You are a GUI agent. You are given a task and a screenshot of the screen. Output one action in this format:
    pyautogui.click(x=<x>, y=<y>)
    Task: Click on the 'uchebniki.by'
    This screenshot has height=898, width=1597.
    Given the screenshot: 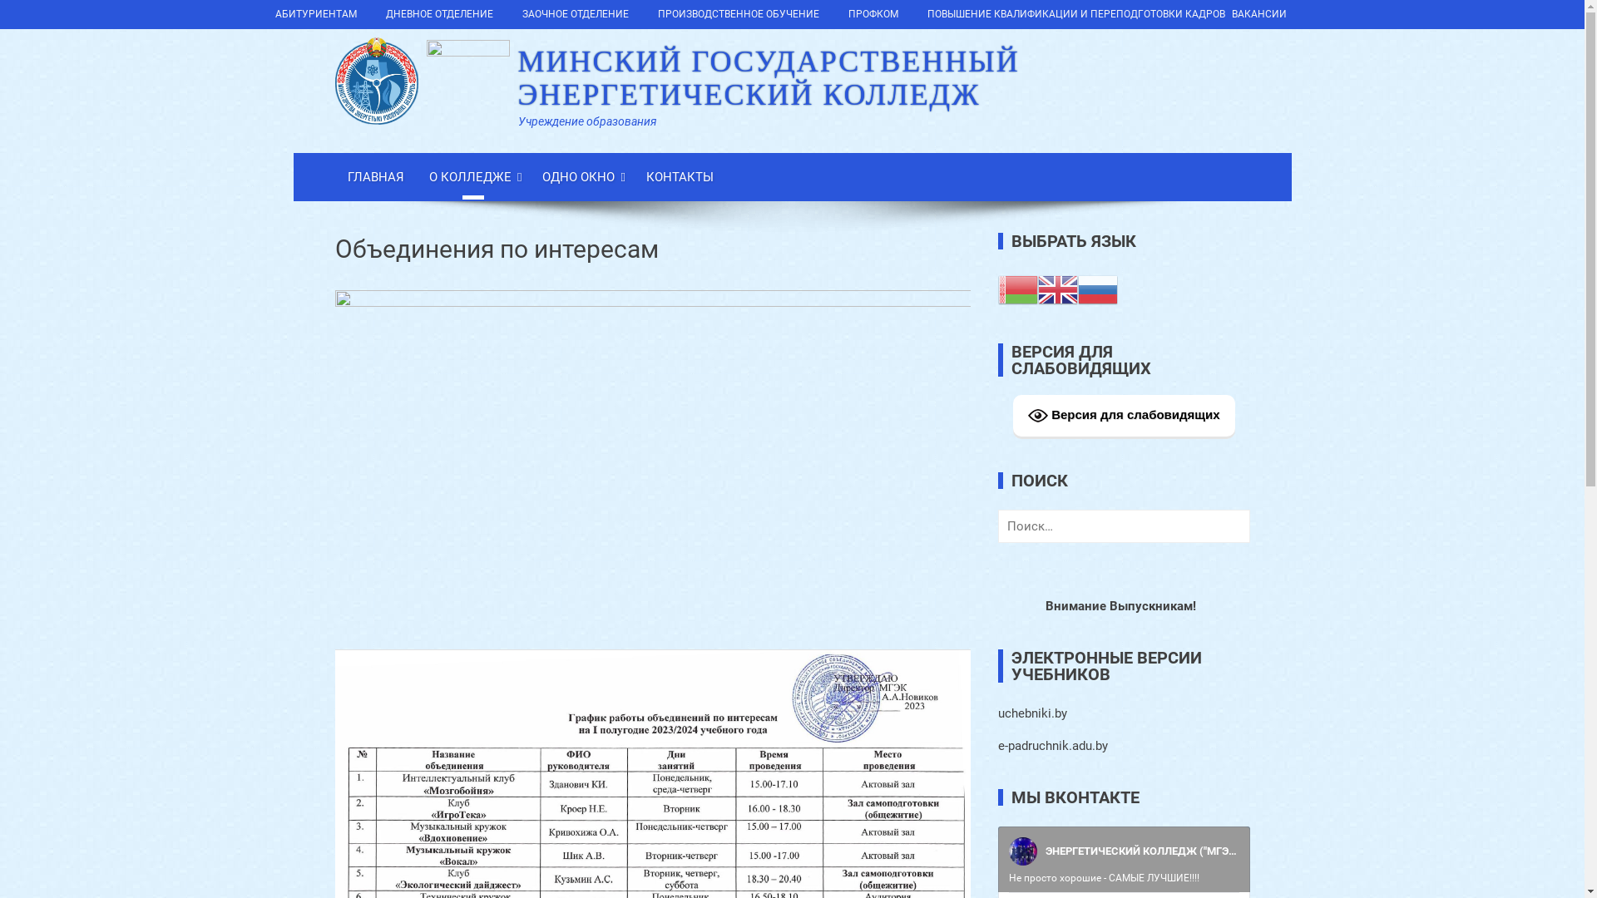 What is the action you would take?
    pyautogui.click(x=998, y=712)
    